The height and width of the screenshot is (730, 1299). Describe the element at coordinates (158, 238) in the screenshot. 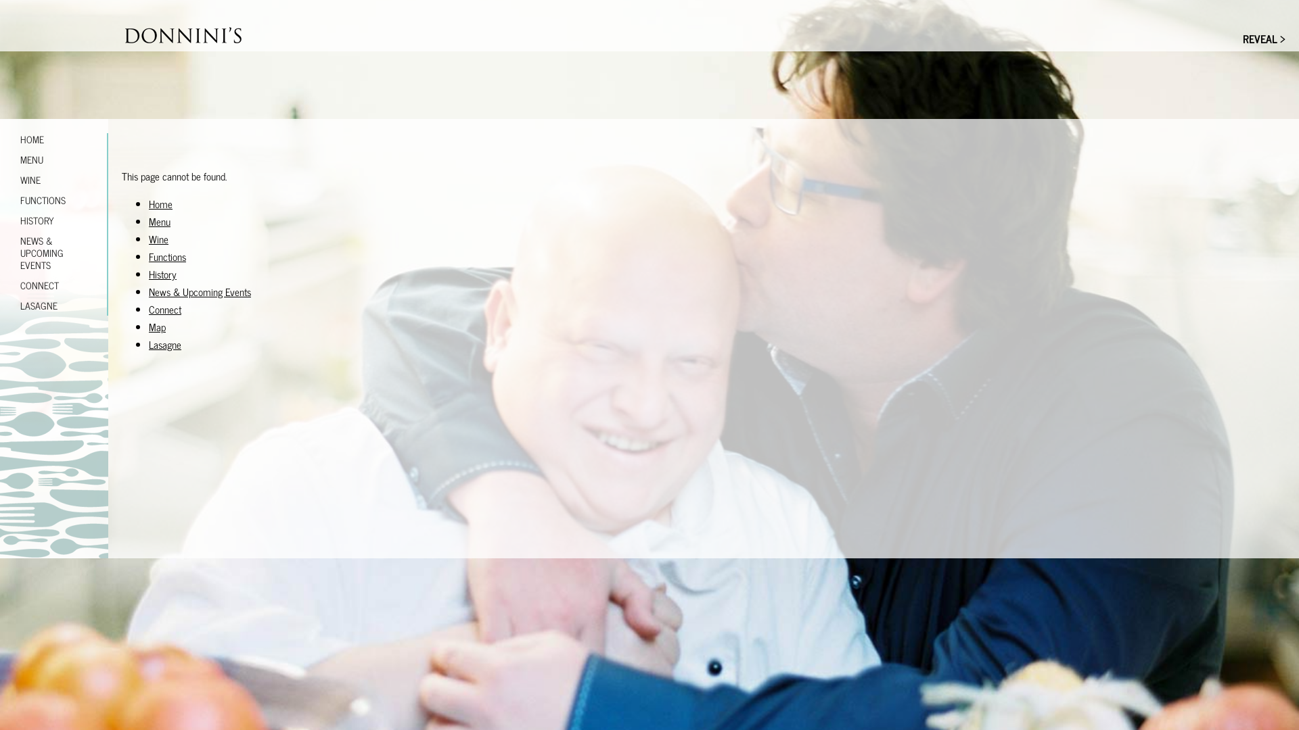

I see `'Wine'` at that location.